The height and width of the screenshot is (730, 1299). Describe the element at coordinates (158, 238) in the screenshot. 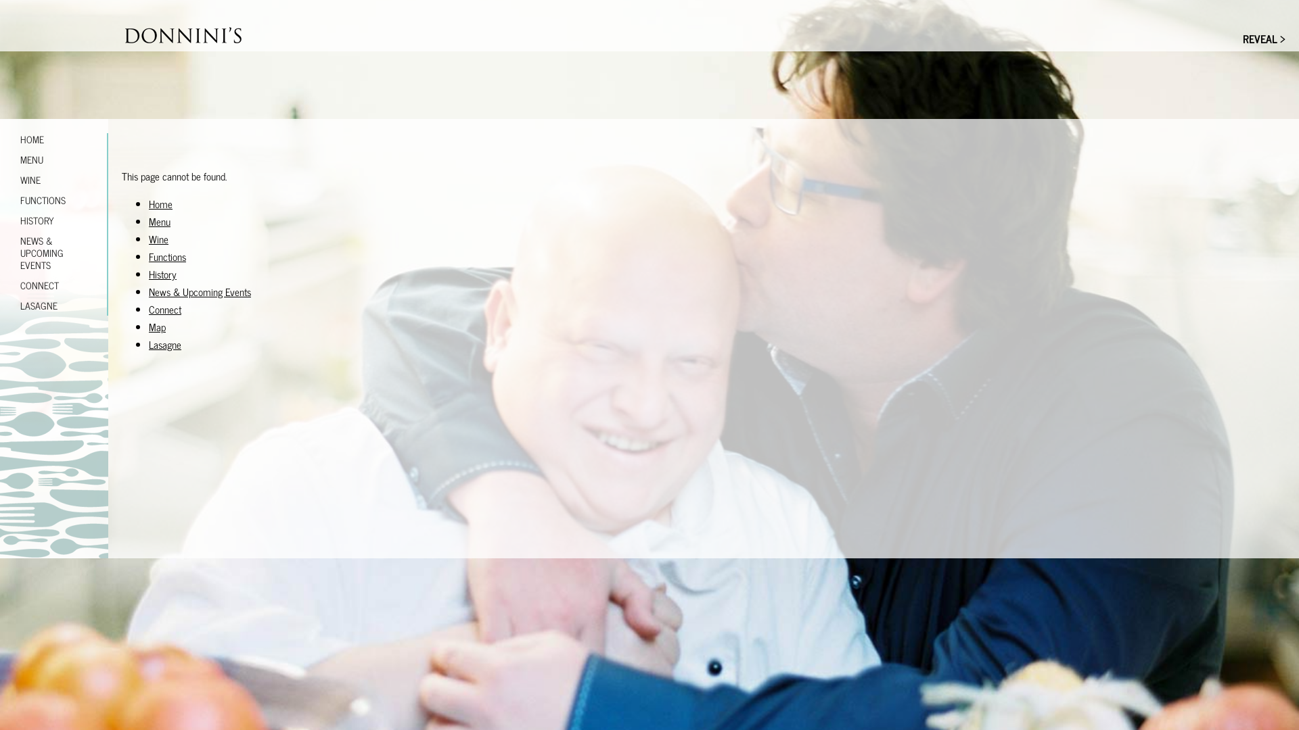

I see `'Wine'` at that location.